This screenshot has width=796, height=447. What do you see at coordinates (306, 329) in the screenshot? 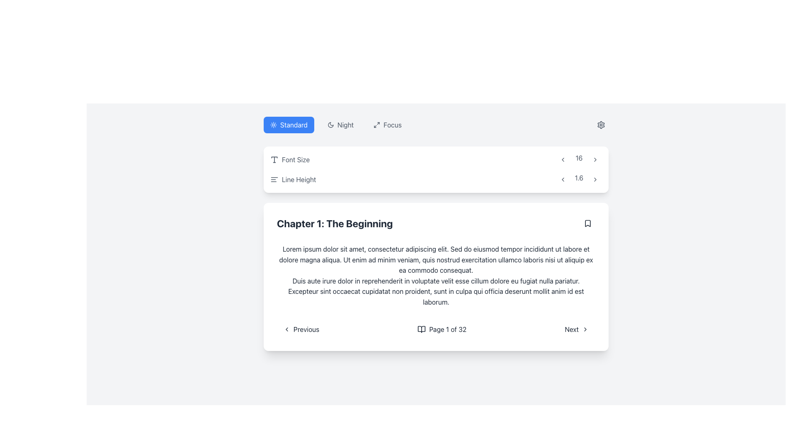
I see `the 'Previous' text label, which indicates a navigational action for paging back, located in the bottom-left corner of the chapter details card` at bounding box center [306, 329].